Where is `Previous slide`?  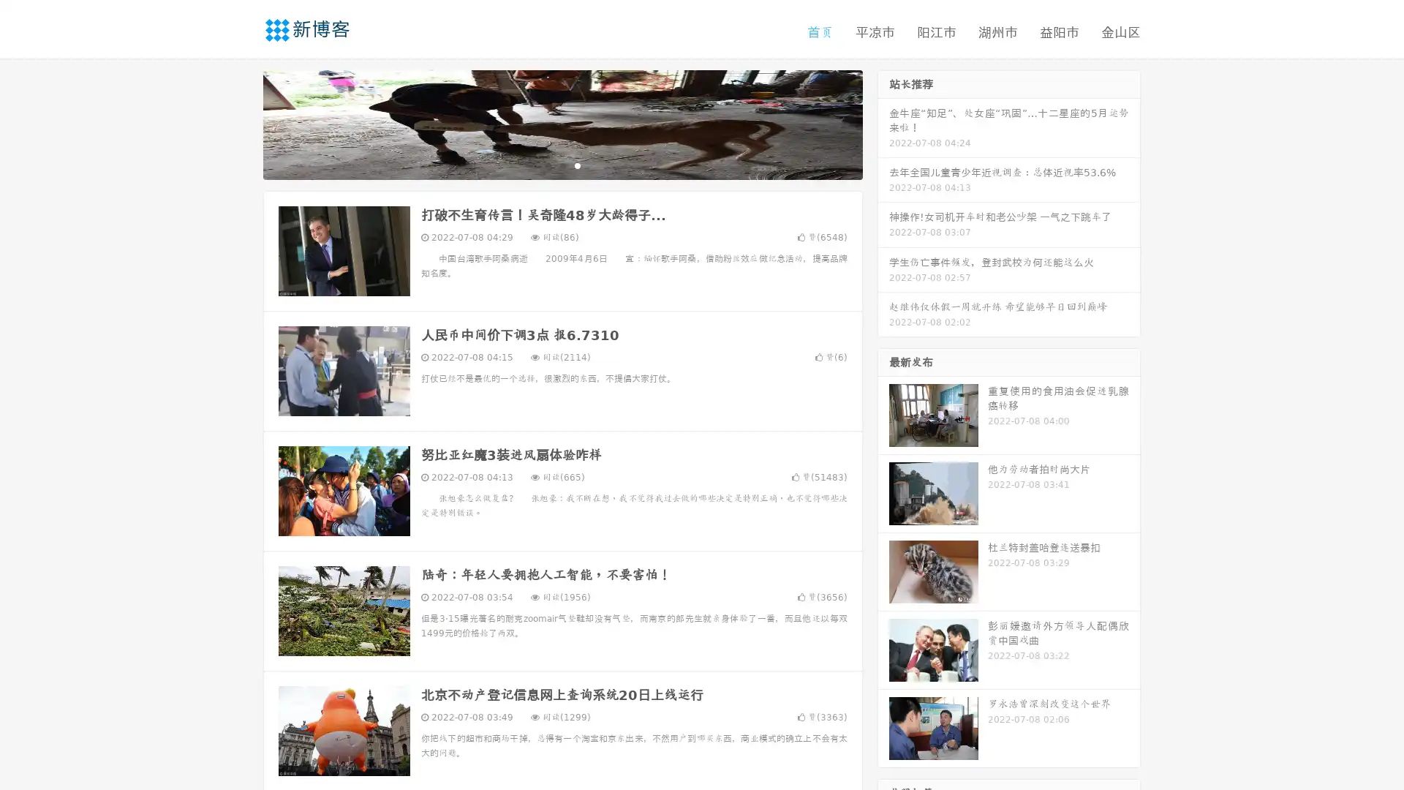
Previous slide is located at coordinates (241, 123).